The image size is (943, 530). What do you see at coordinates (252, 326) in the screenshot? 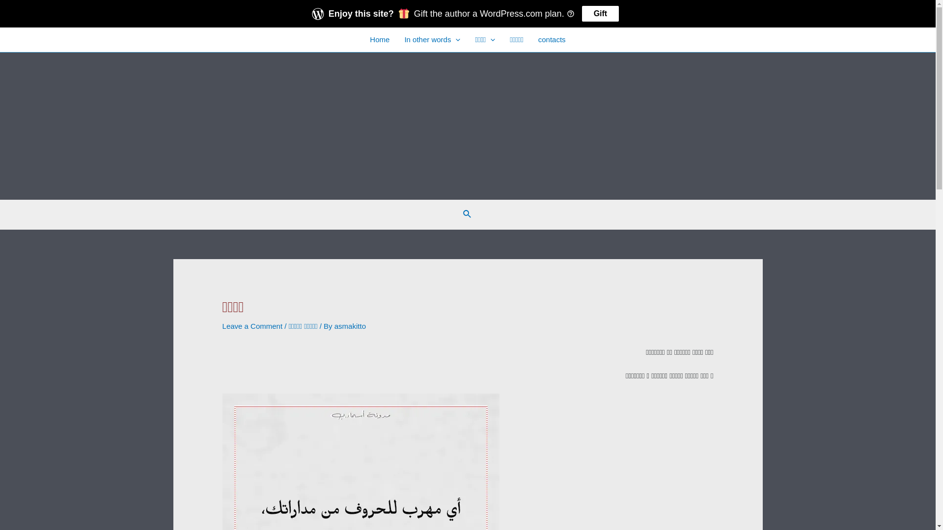
I see `'Leave a Comment'` at bounding box center [252, 326].